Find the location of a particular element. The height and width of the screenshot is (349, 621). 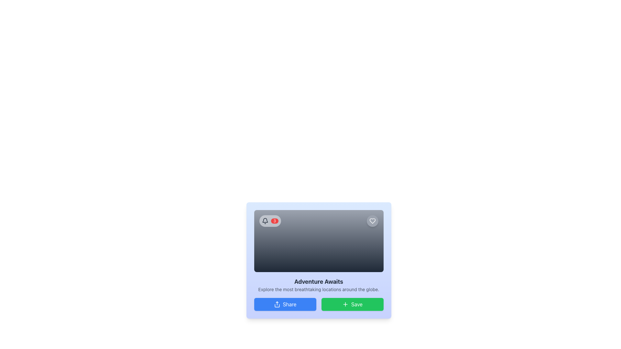

the circular badge with a red background displaying the number '3', located at the top-right corner of the notification area is located at coordinates (275, 220).